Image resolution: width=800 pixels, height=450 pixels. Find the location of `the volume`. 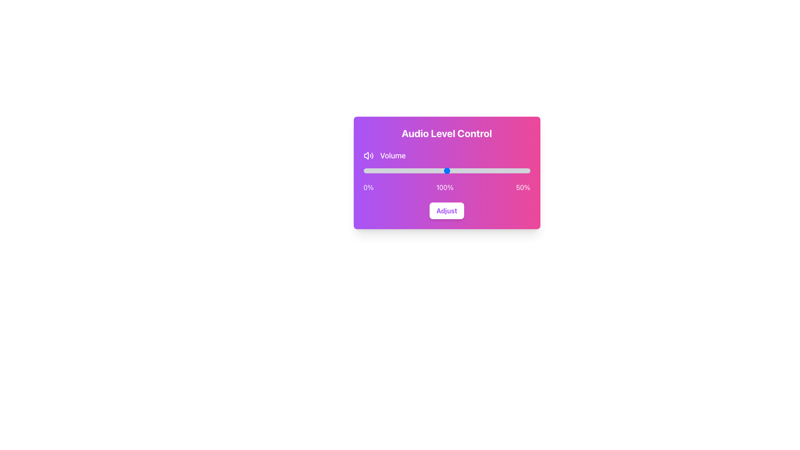

the volume is located at coordinates (455, 170).